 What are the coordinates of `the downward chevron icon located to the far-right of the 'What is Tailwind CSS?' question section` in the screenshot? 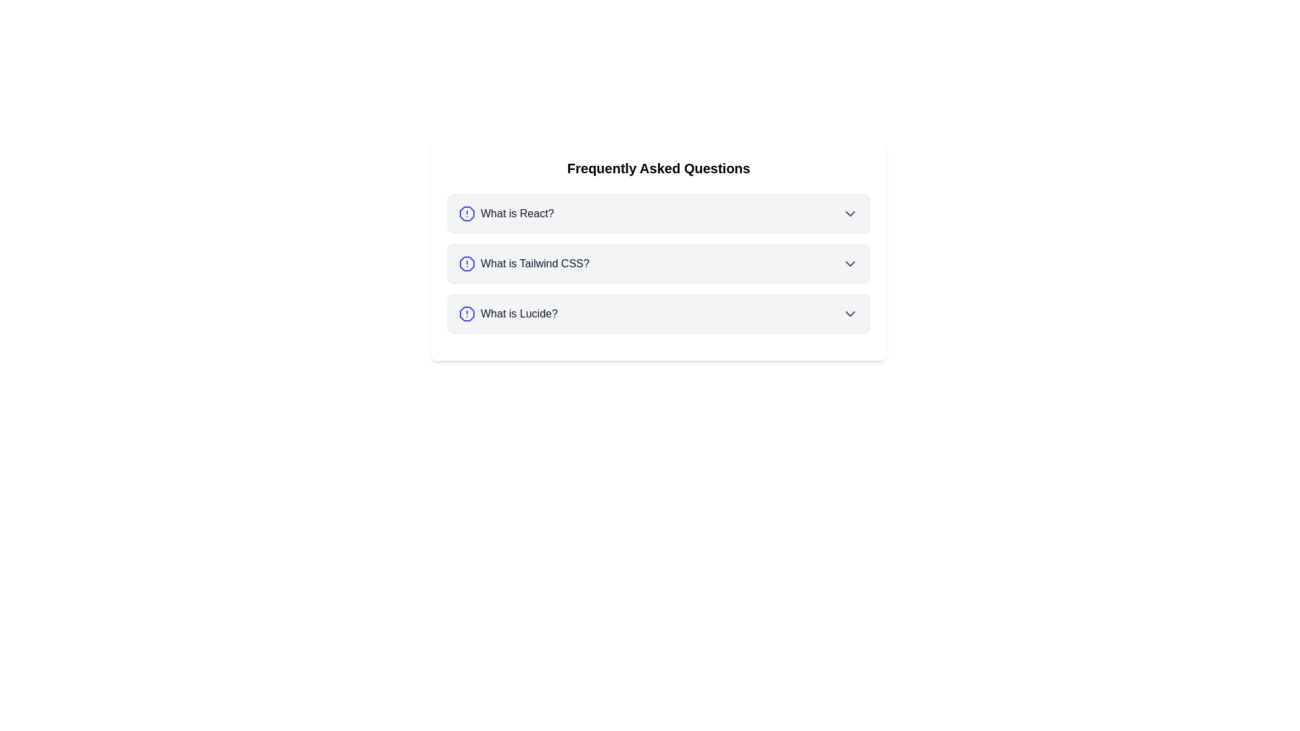 It's located at (850, 263).